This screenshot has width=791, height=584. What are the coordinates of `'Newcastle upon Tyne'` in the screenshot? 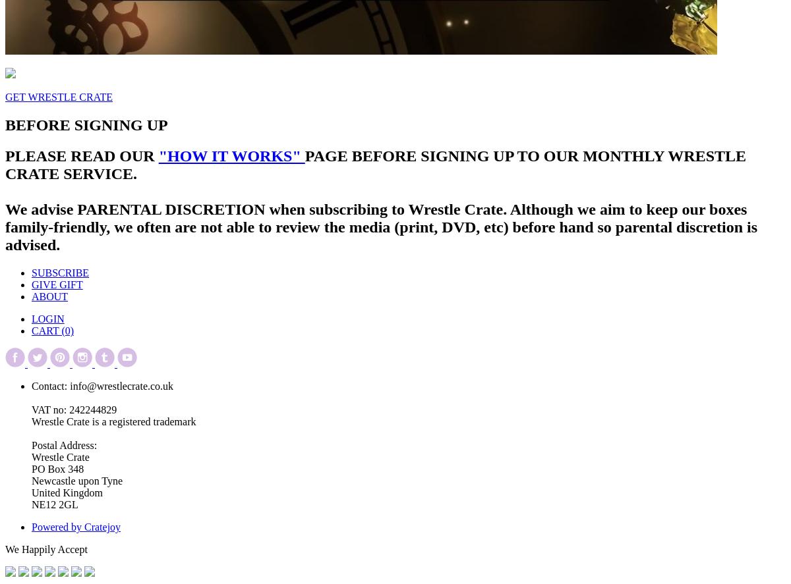 It's located at (77, 481).